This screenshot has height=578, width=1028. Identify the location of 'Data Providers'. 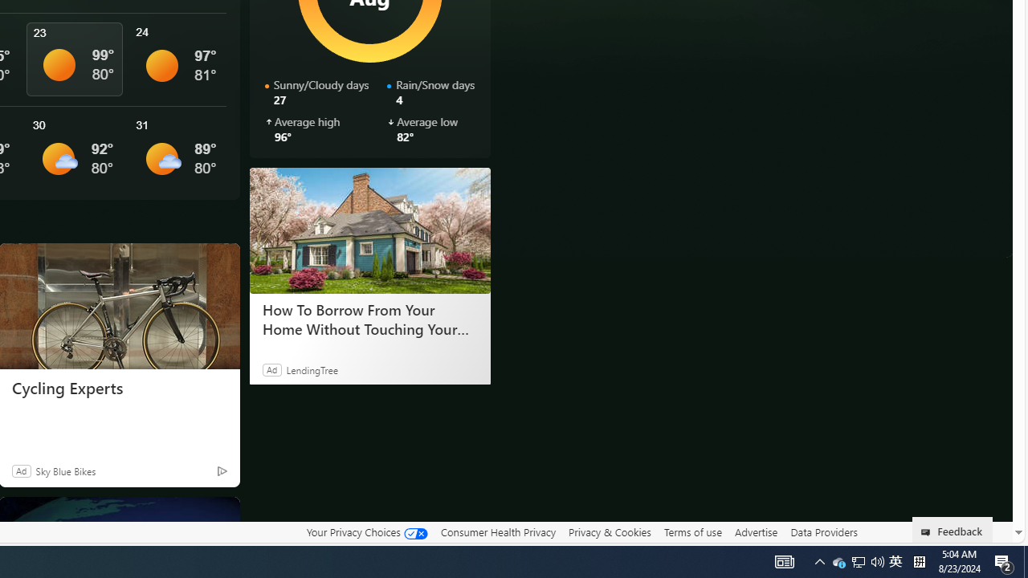
(823, 531).